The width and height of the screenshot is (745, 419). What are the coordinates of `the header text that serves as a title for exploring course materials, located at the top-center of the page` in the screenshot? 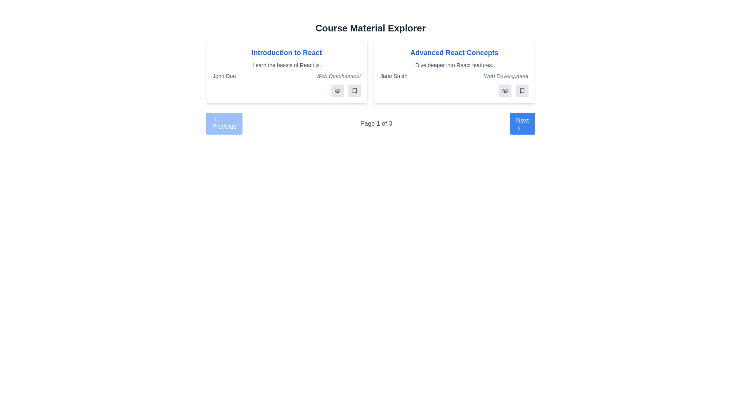 It's located at (370, 28).